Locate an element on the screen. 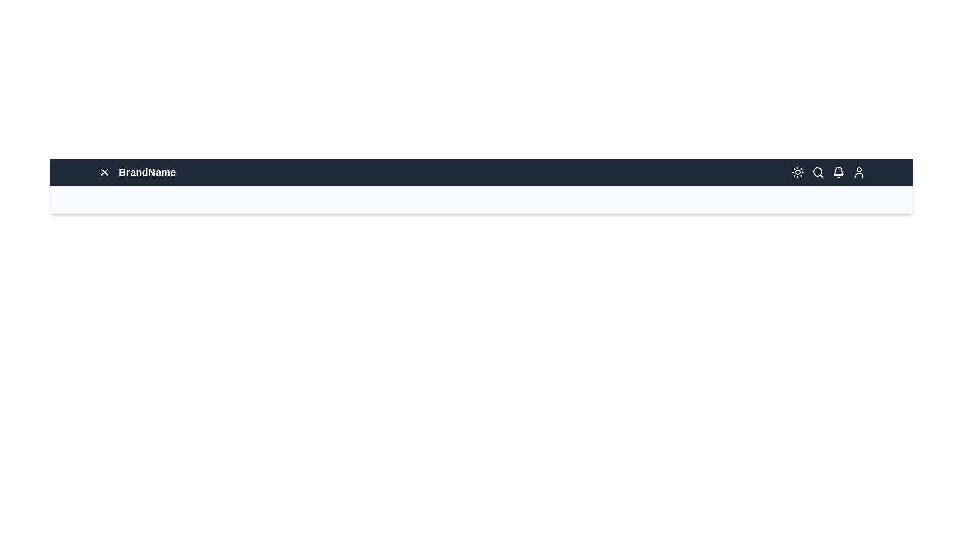  the menu item labeled Services to navigate to the corresponding section is located at coordinates (503, 200).